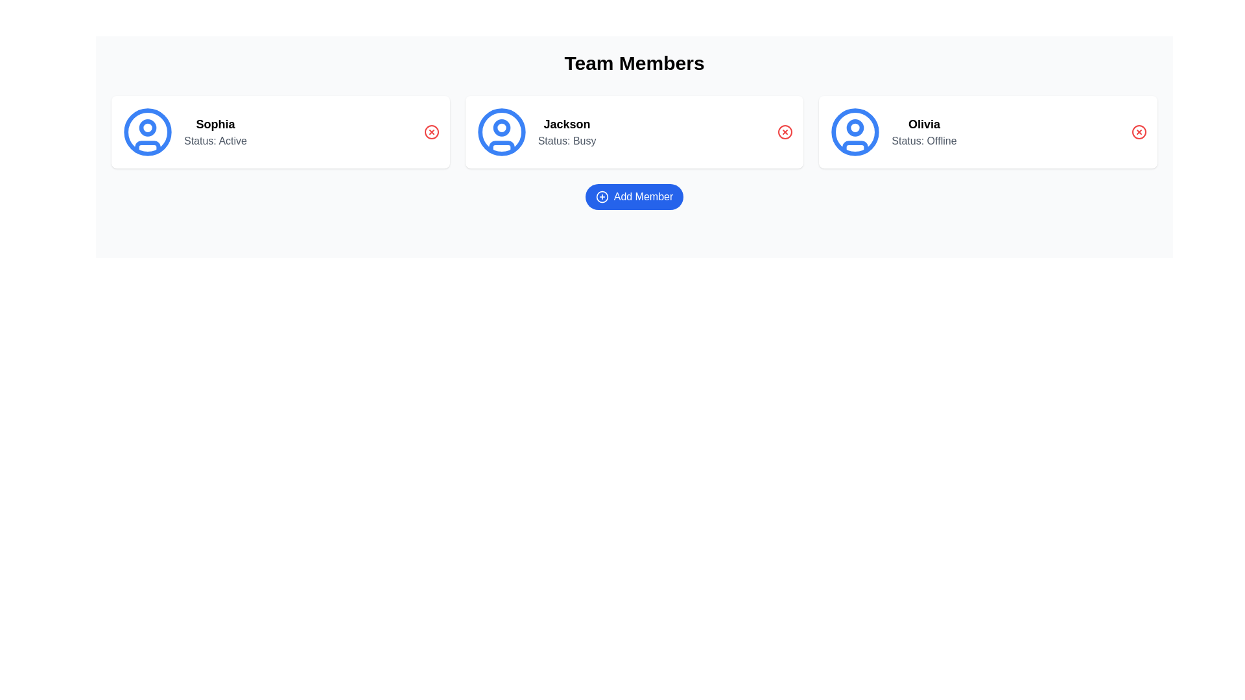 The height and width of the screenshot is (700, 1245). What do you see at coordinates (147, 132) in the screenshot?
I see `the circular user icon with a blue outline that represents a user avatar, located to the left of the text 'Sophia Status: Active' in the first card` at bounding box center [147, 132].